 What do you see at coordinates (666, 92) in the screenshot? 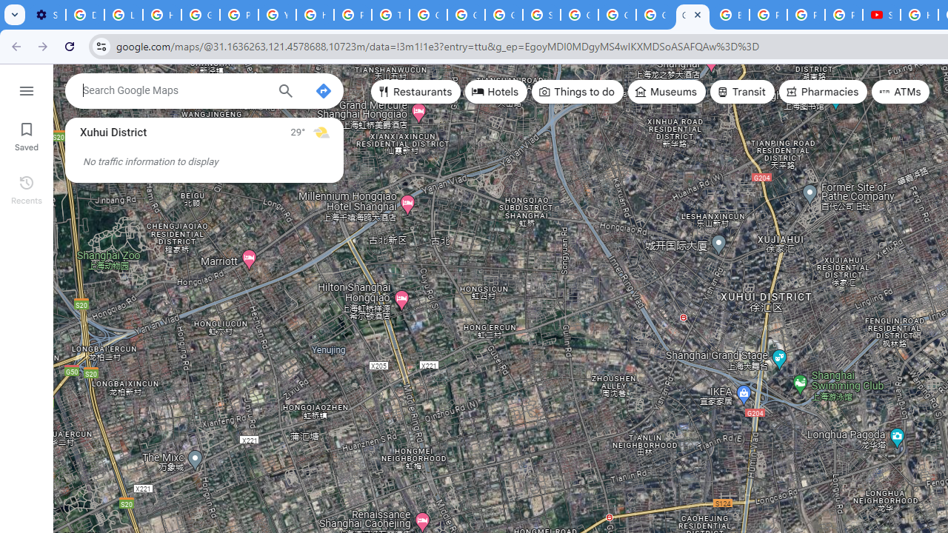
I see `'Museums'` at bounding box center [666, 92].